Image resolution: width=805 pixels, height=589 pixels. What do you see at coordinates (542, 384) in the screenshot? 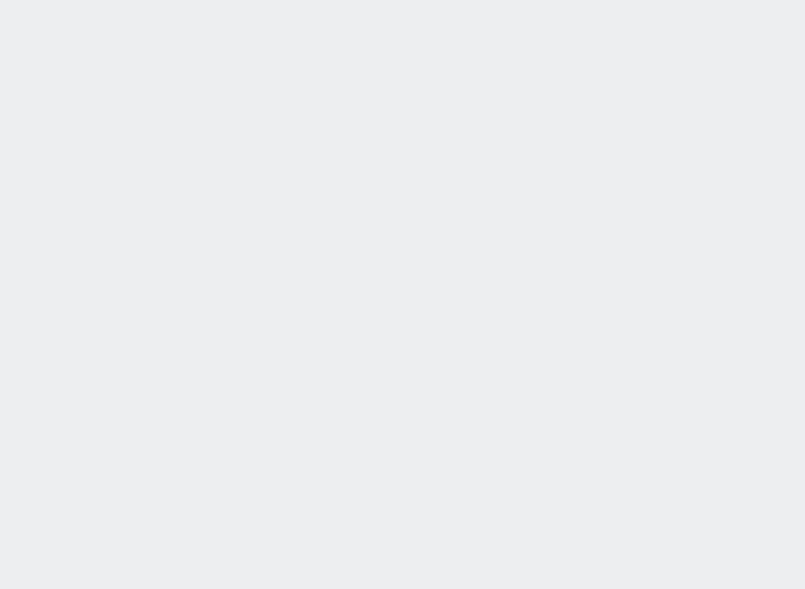
I see `'24. North Carolina'` at bounding box center [542, 384].